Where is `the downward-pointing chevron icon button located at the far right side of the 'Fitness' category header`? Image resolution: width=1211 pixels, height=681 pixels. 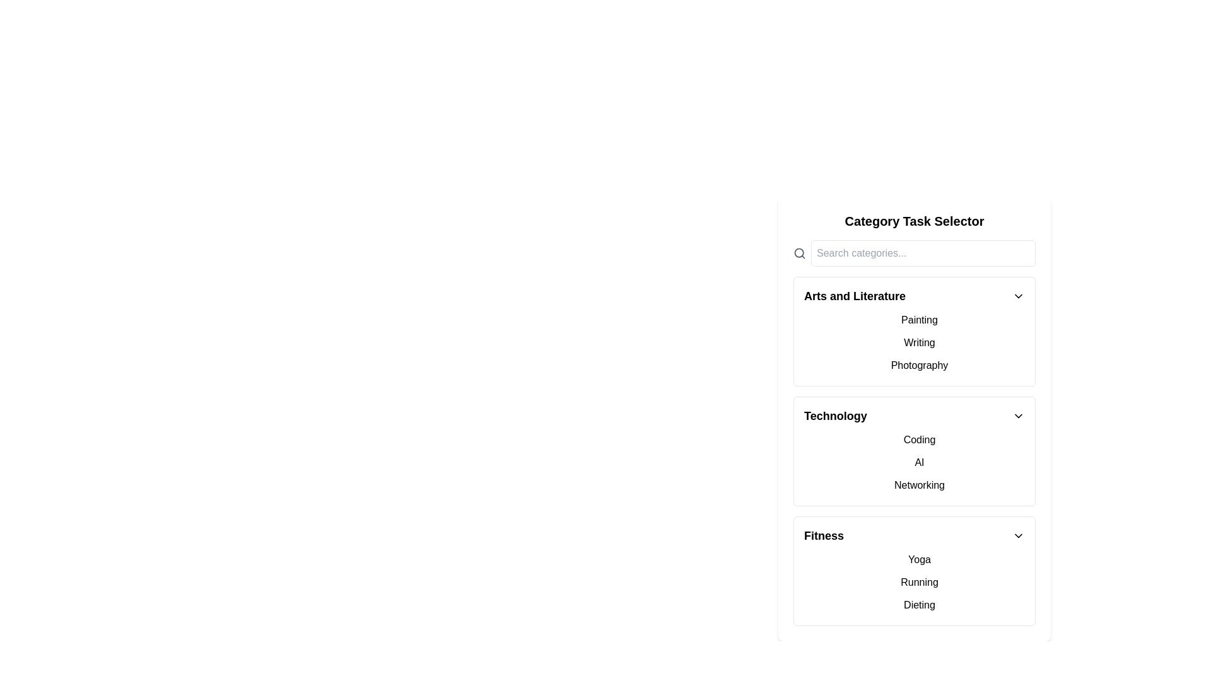
the downward-pointing chevron icon button located at the far right side of the 'Fitness' category header is located at coordinates (1018, 535).